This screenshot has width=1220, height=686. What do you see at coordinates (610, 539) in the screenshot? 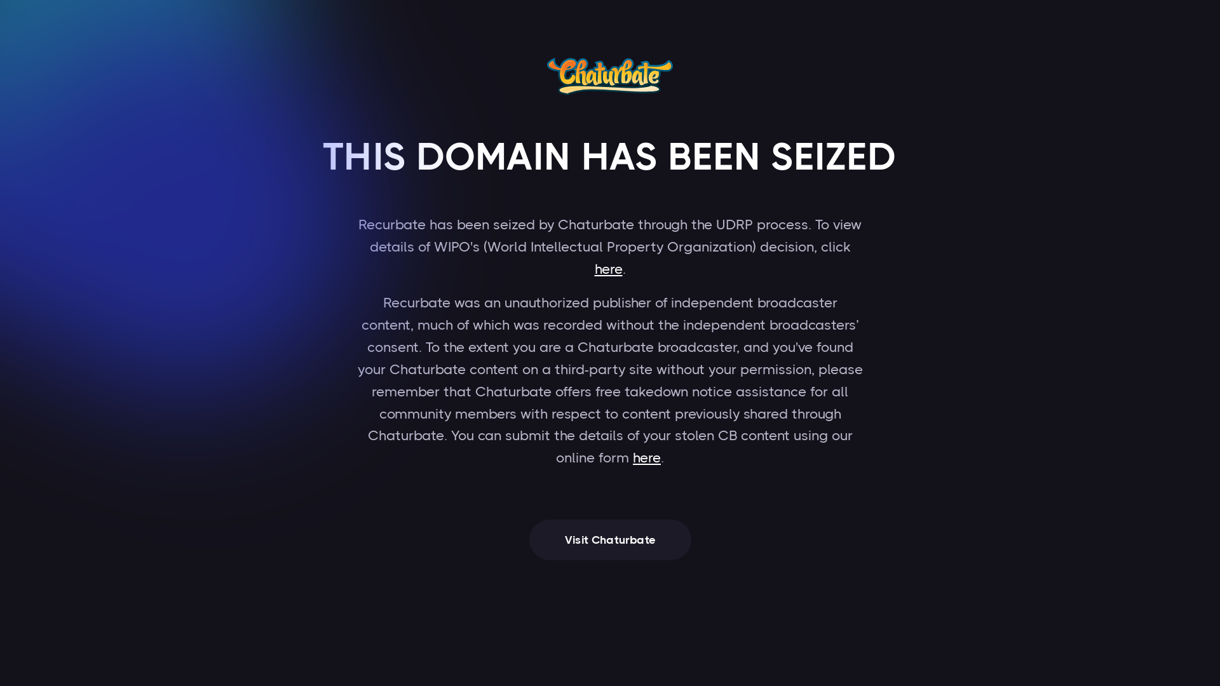
I see `'Visit Chaturbate'` at bounding box center [610, 539].